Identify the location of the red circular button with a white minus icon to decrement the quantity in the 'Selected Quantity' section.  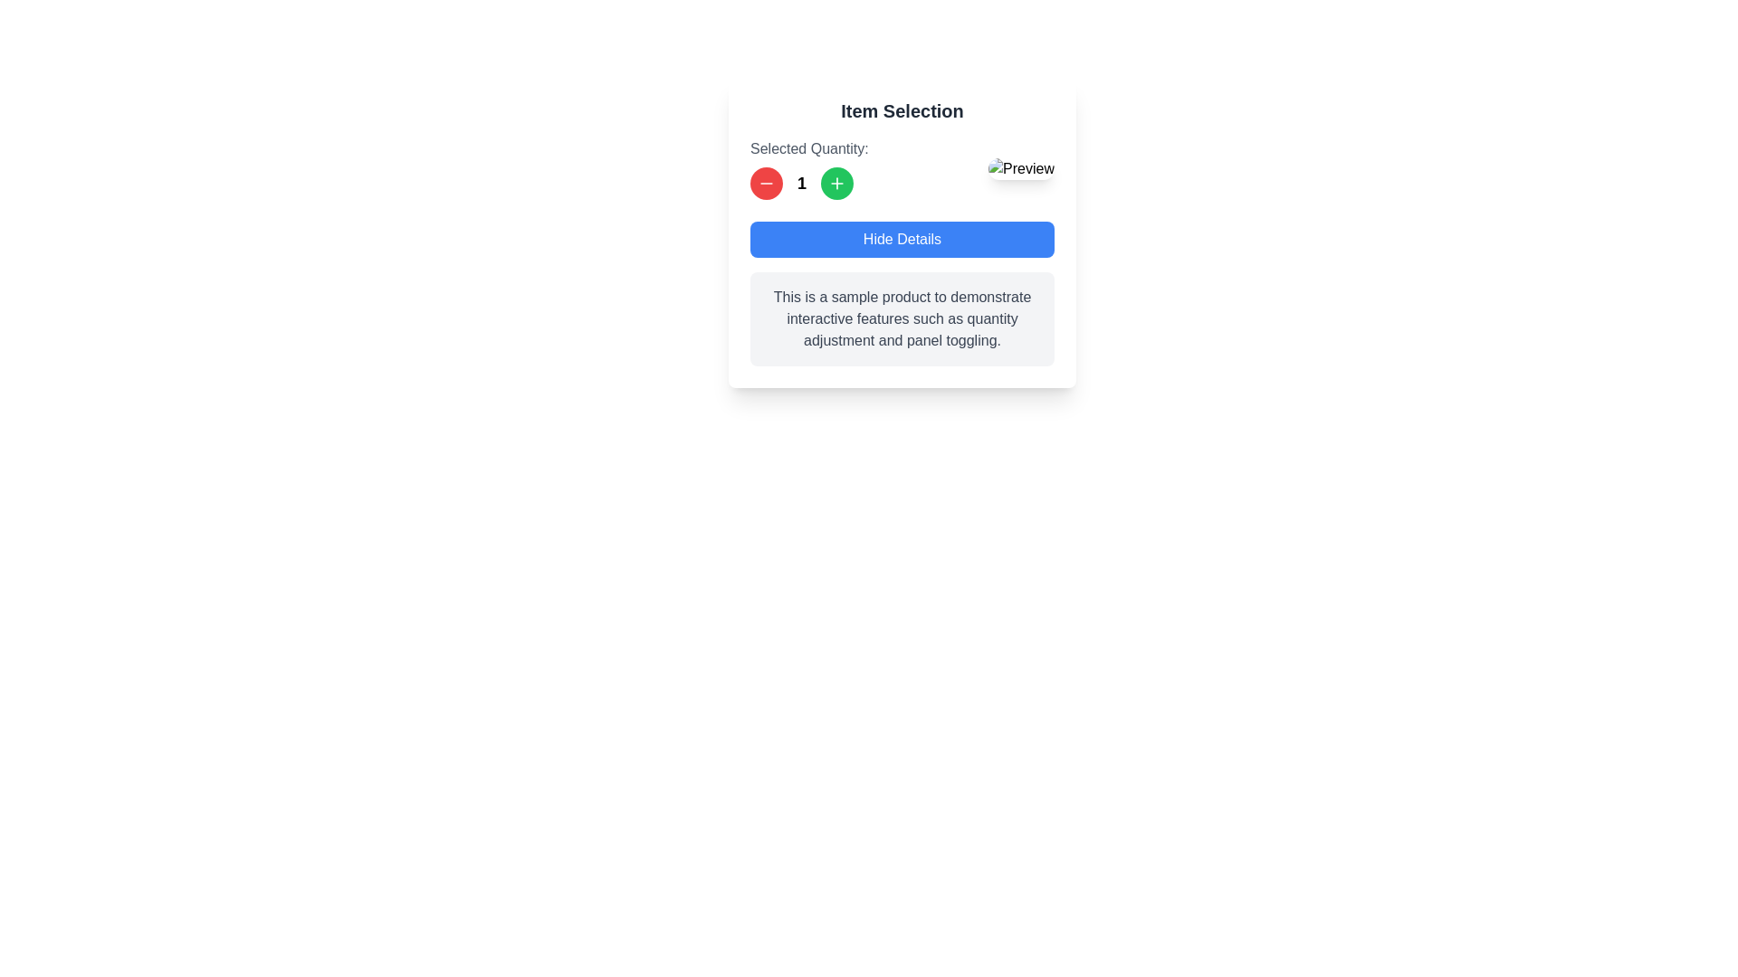
(766, 184).